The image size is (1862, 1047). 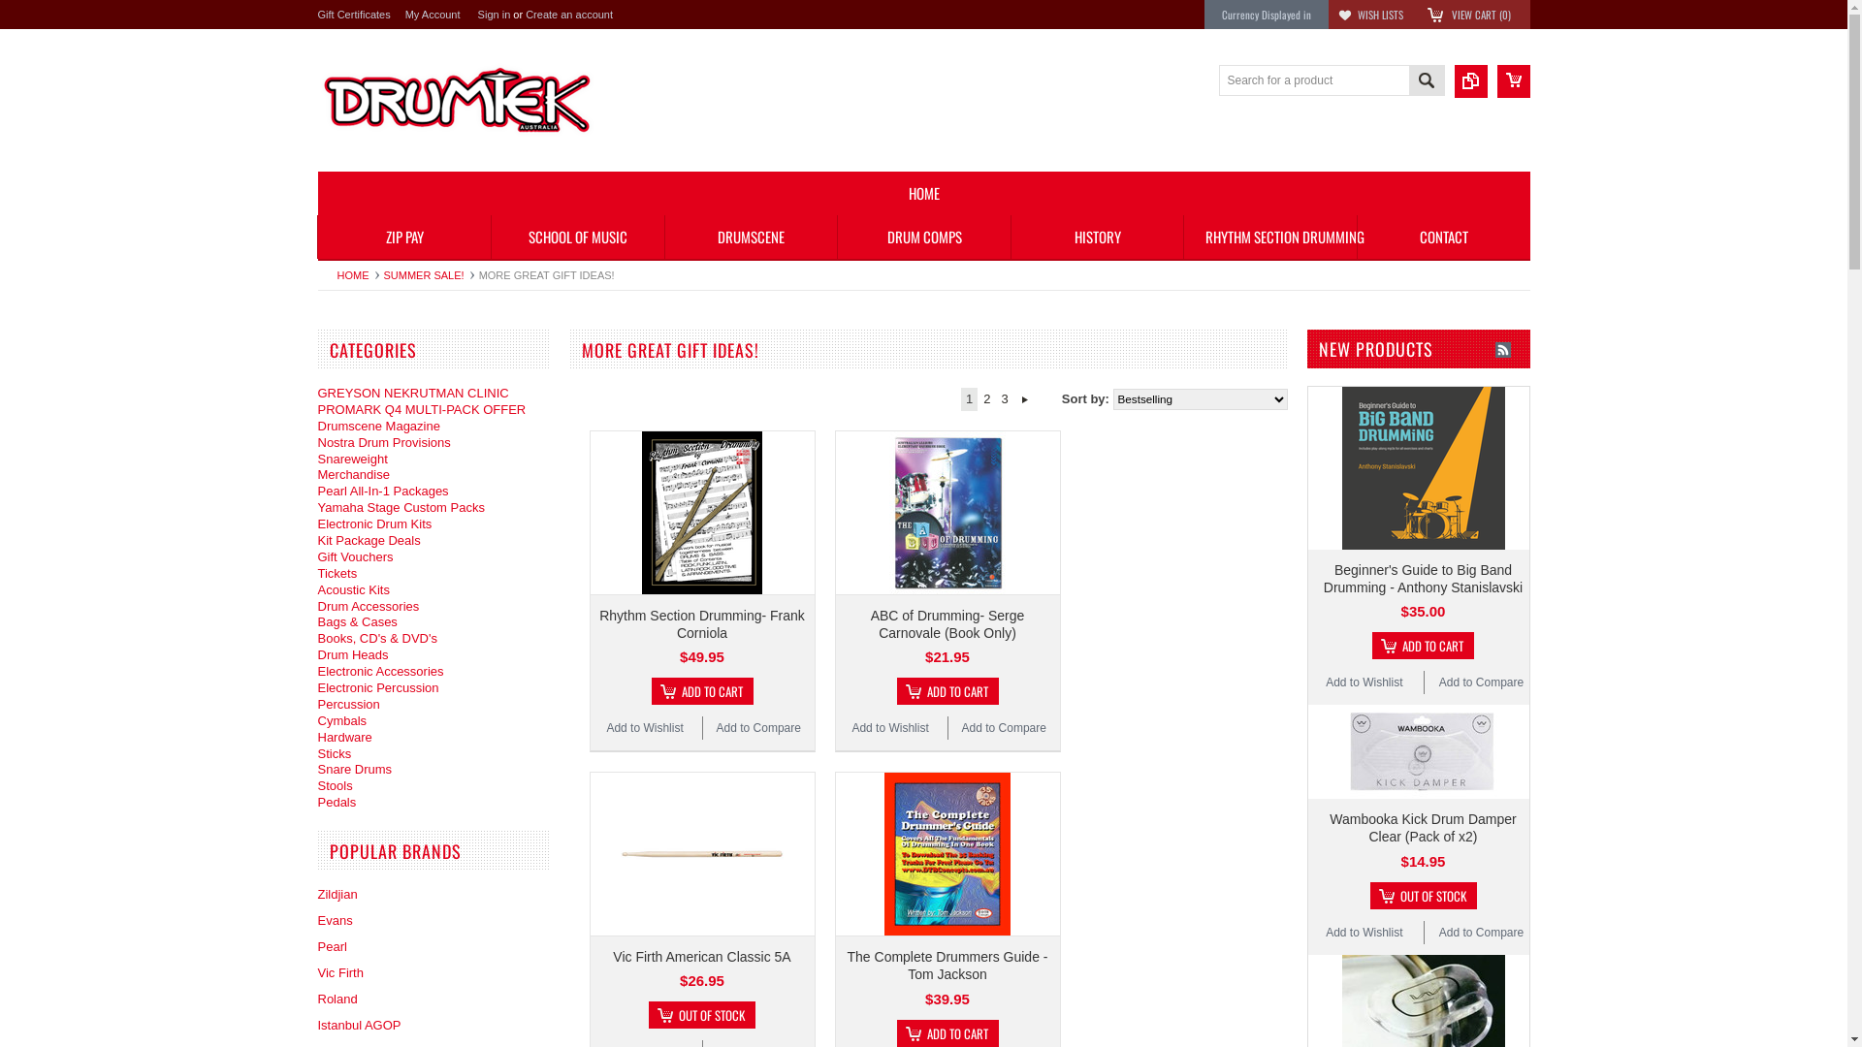 What do you see at coordinates (421, 408) in the screenshot?
I see `'PROMARK Q4 MULTI-PACK OFFER'` at bounding box center [421, 408].